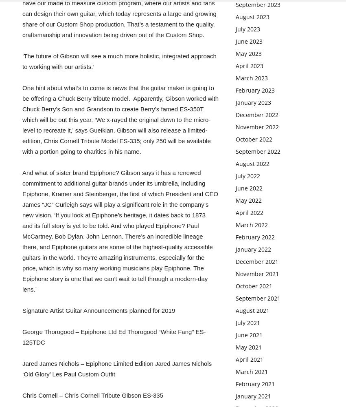 This screenshot has height=407, width=346. Describe the element at coordinates (251, 77) in the screenshot. I see `'March 2023'` at that location.